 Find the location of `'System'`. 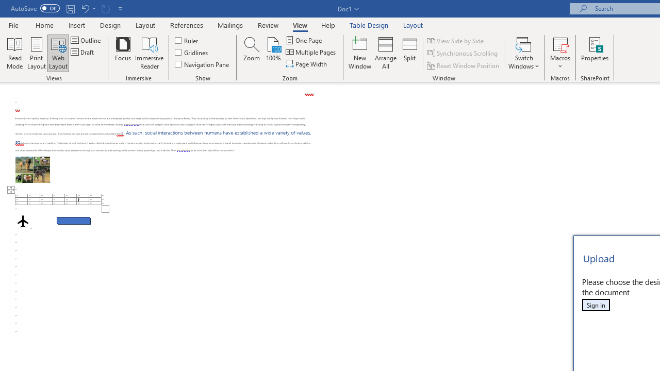

'System' is located at coordinates (5, 6).